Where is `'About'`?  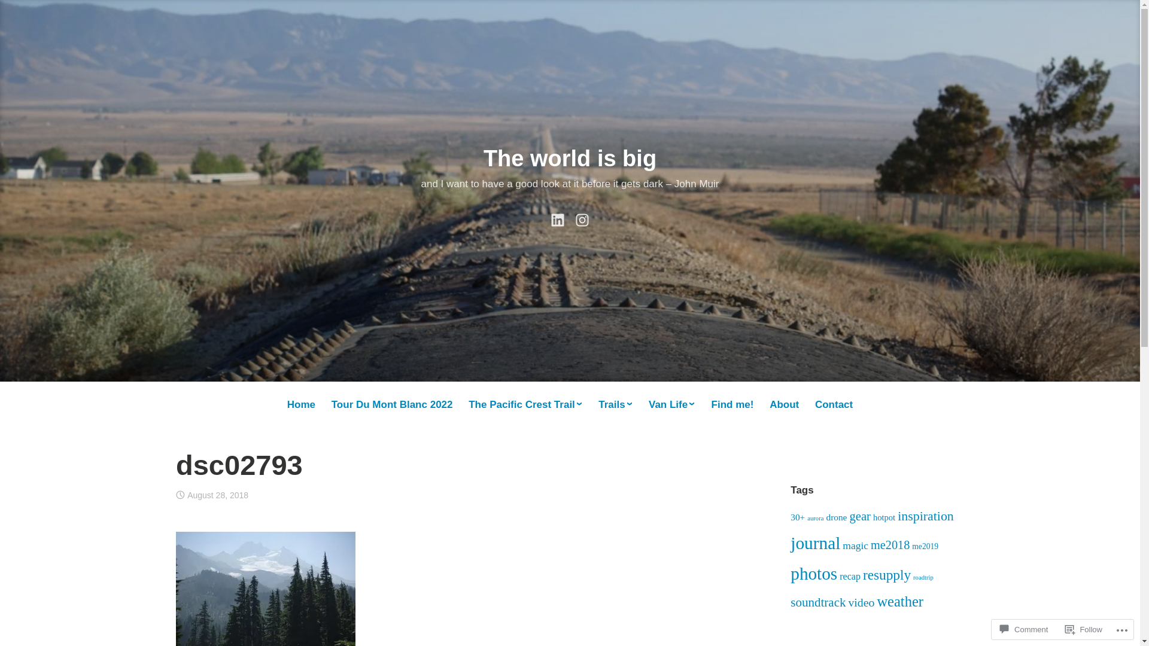
'About' is located at coordinates (767, 404).